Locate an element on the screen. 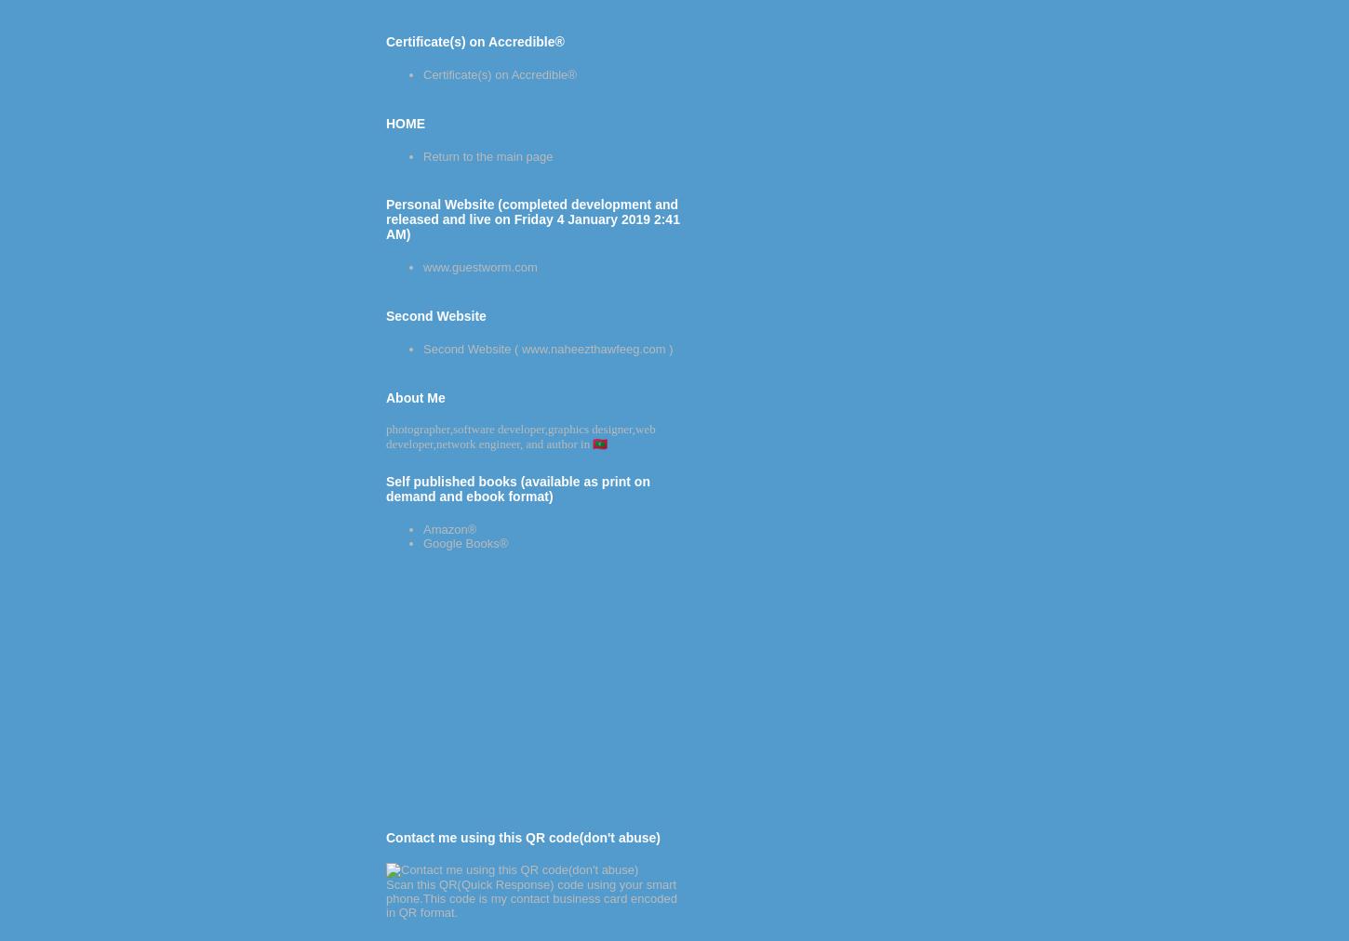  'Second Website ( www.naheezthawfeeg.com )' is located at coordinates (547, 347).